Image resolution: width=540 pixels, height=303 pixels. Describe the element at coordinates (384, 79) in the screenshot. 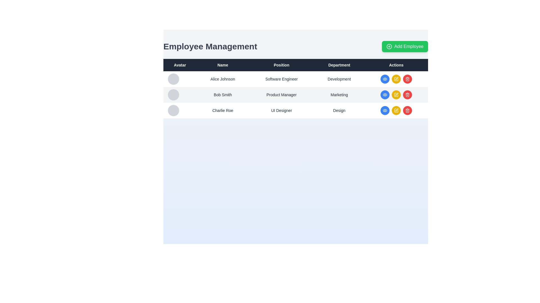

I see `the first action button in the 'Actions' column of the table, which allows users` at that location.